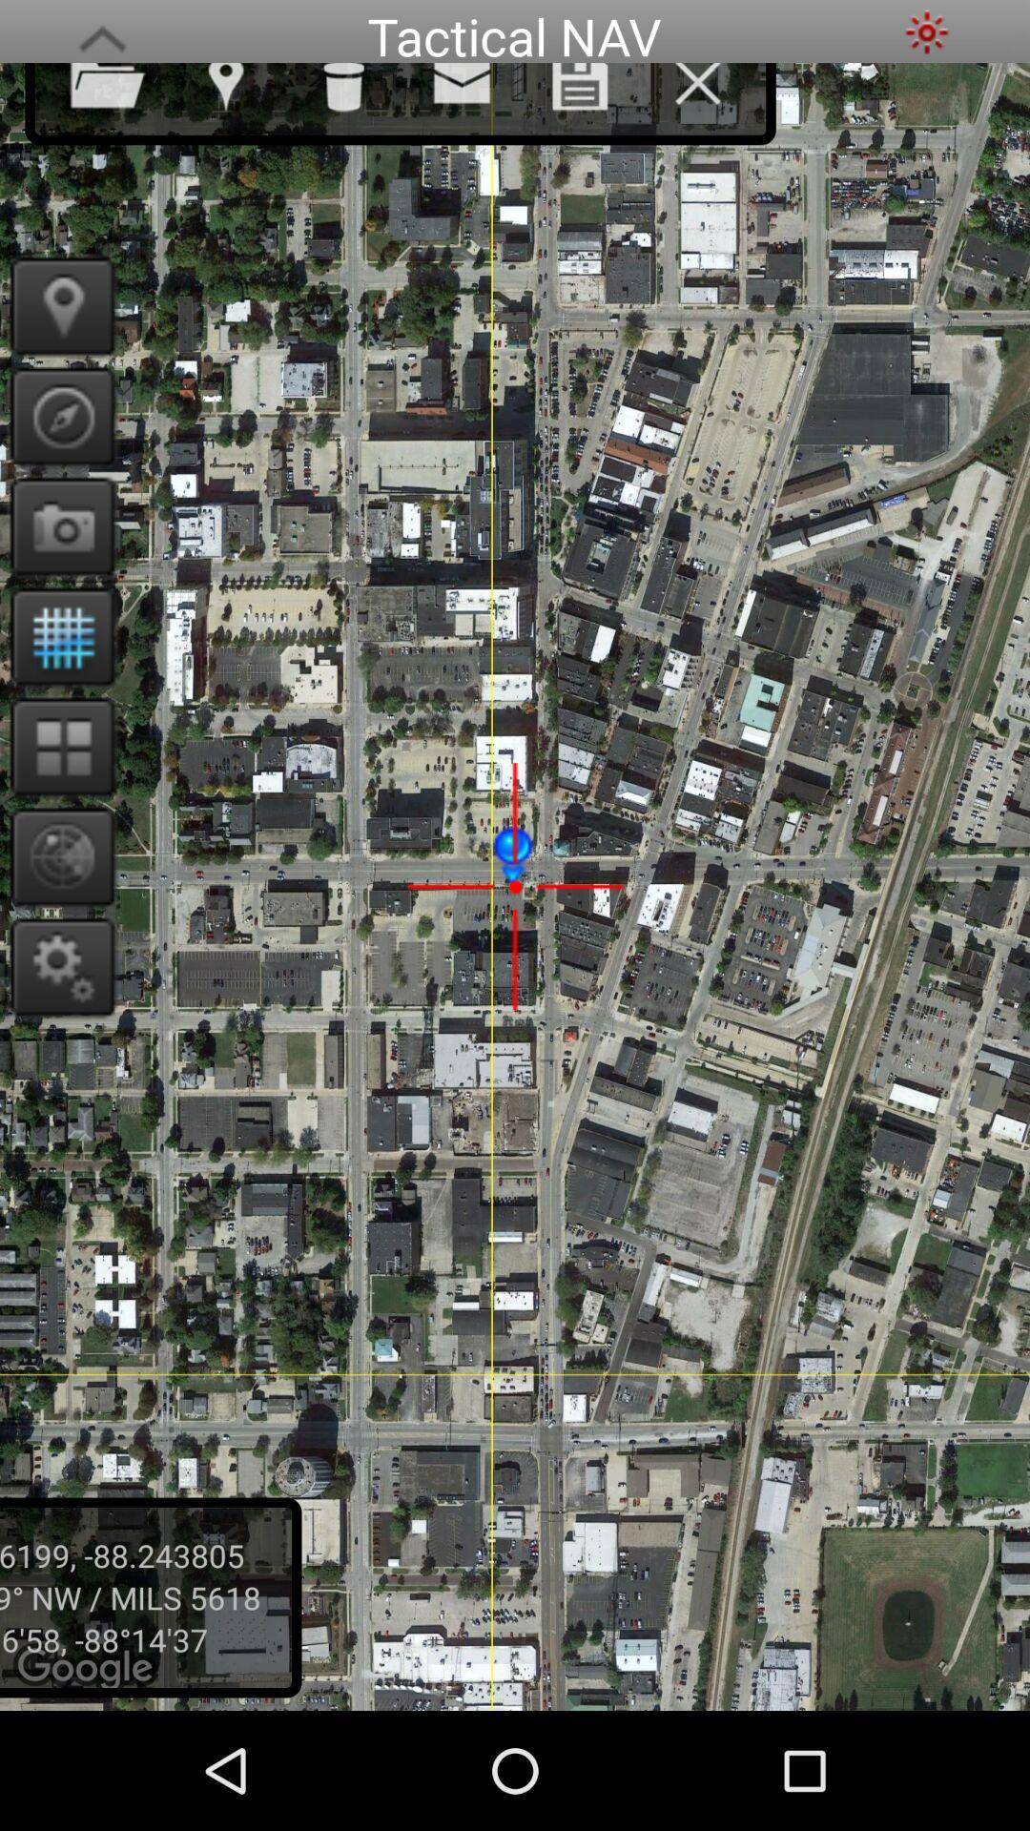  What do you see at coordinates (55, 526) in the screenshot?
I see `take screenshot` at bounding box center [55, 526].